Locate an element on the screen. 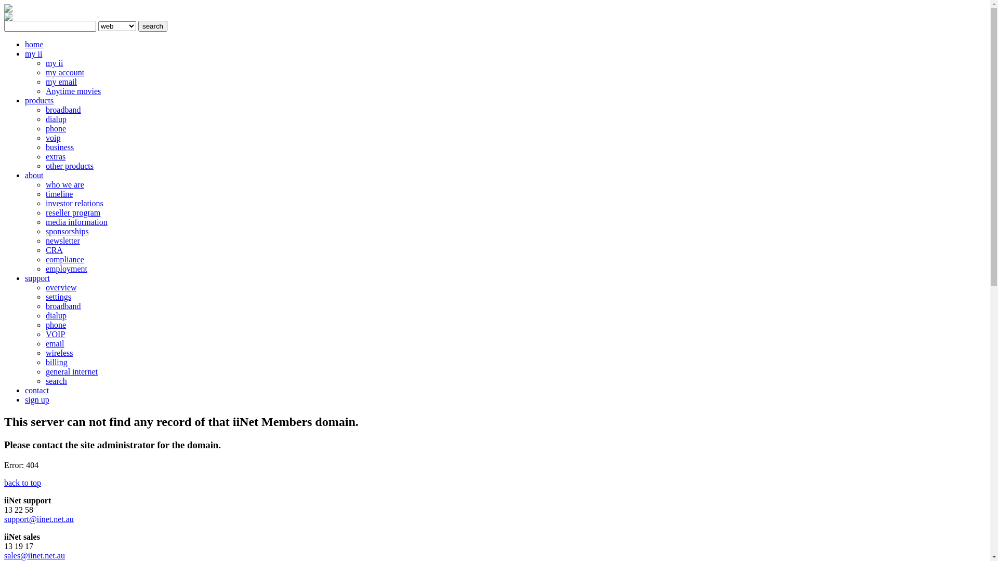  'business' is located at coordinates (45, 147).